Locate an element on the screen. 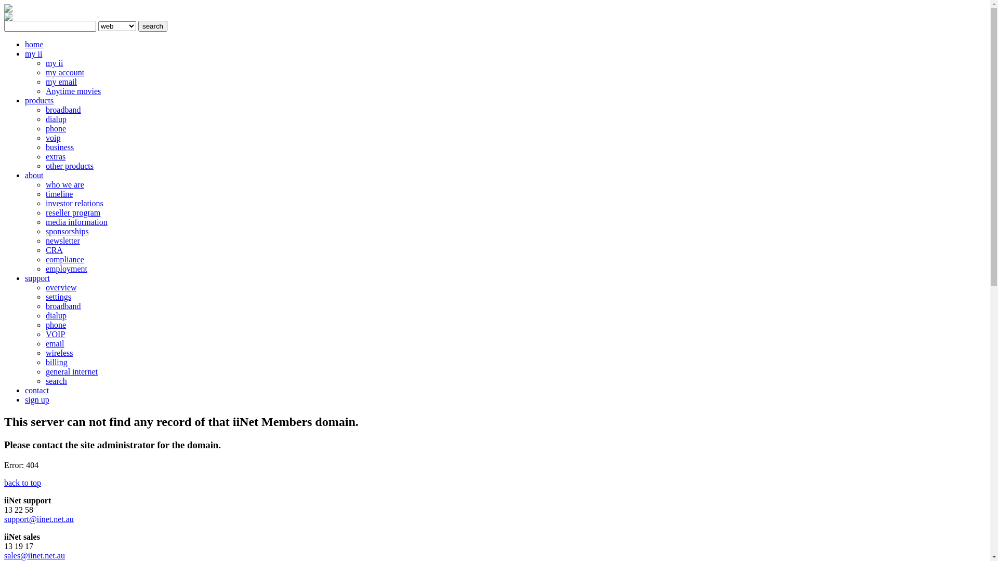  'business' is located at coordinates (45, 147).